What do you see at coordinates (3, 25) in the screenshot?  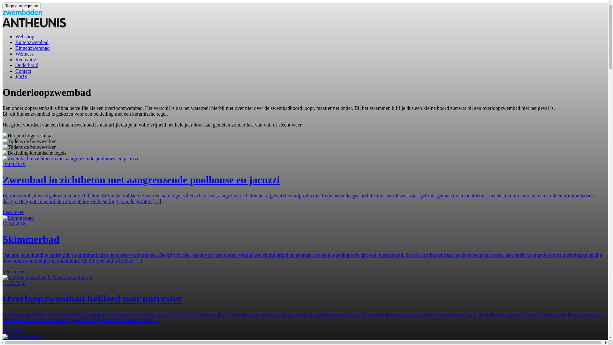 I see `'Homepage'` at bounding box center [3, 25].